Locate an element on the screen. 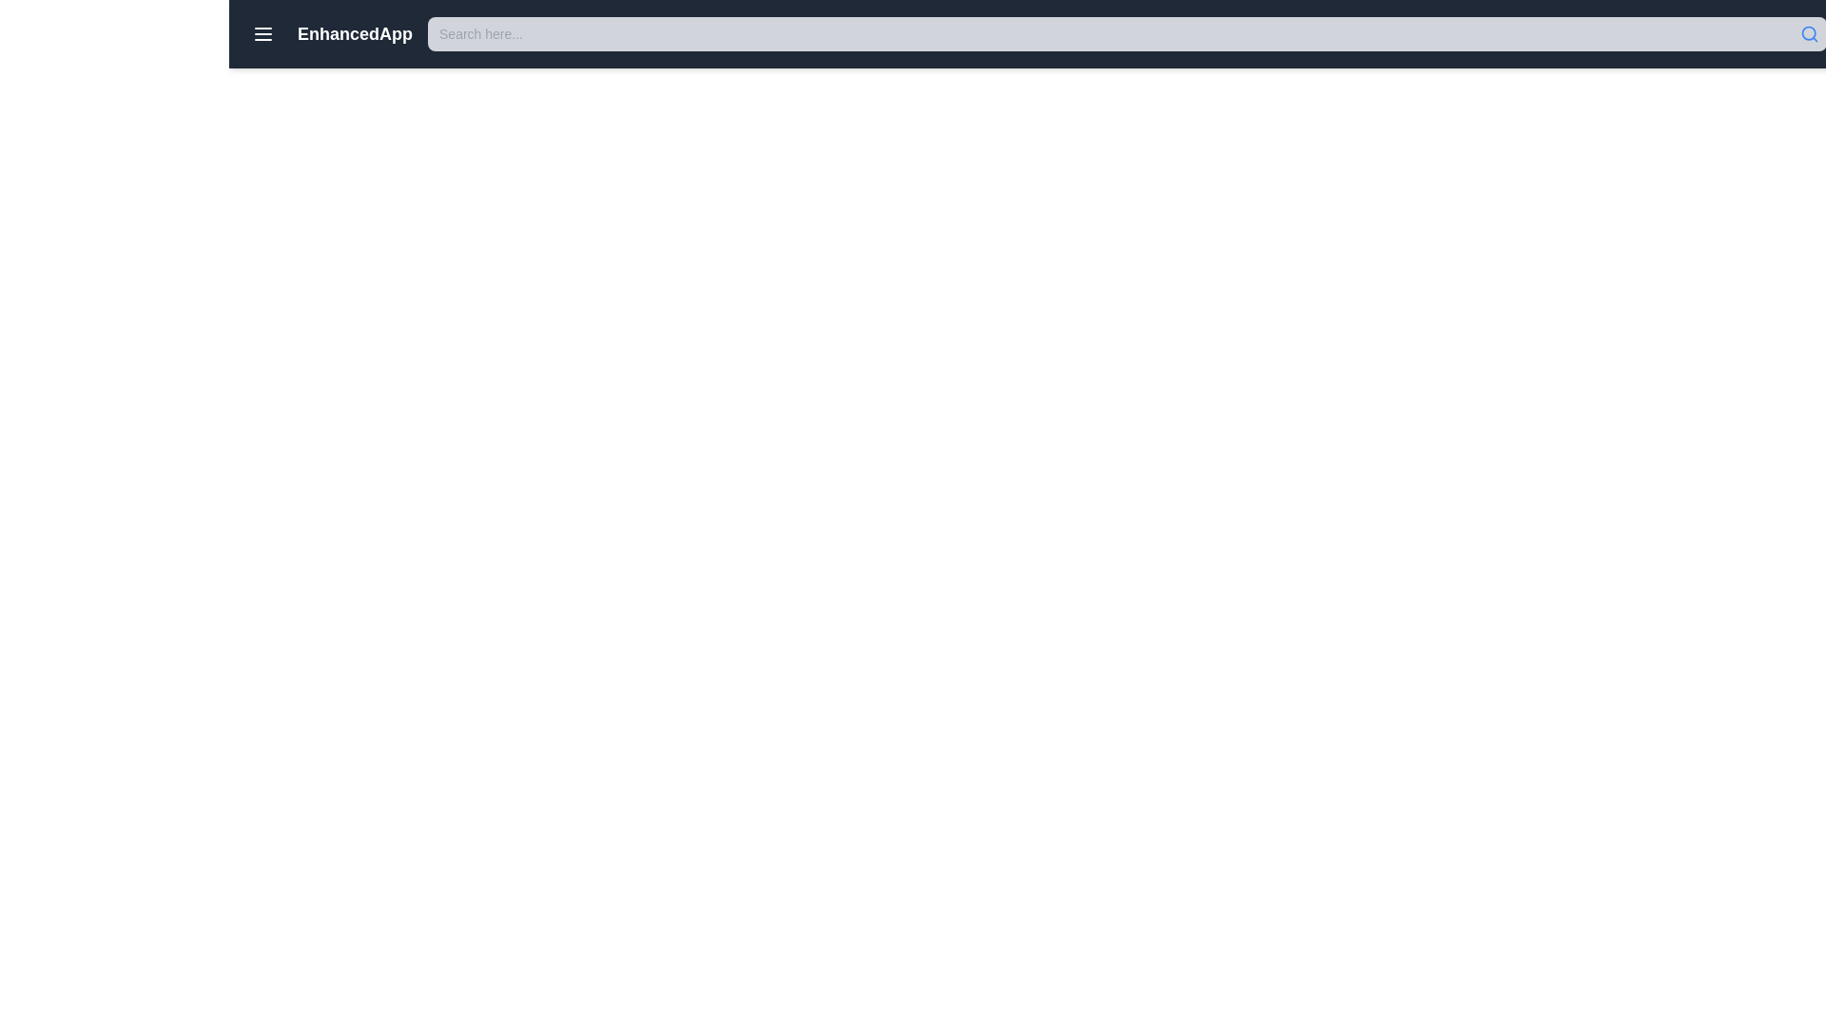  keyboard navigation is located at coordinates (262, 33).